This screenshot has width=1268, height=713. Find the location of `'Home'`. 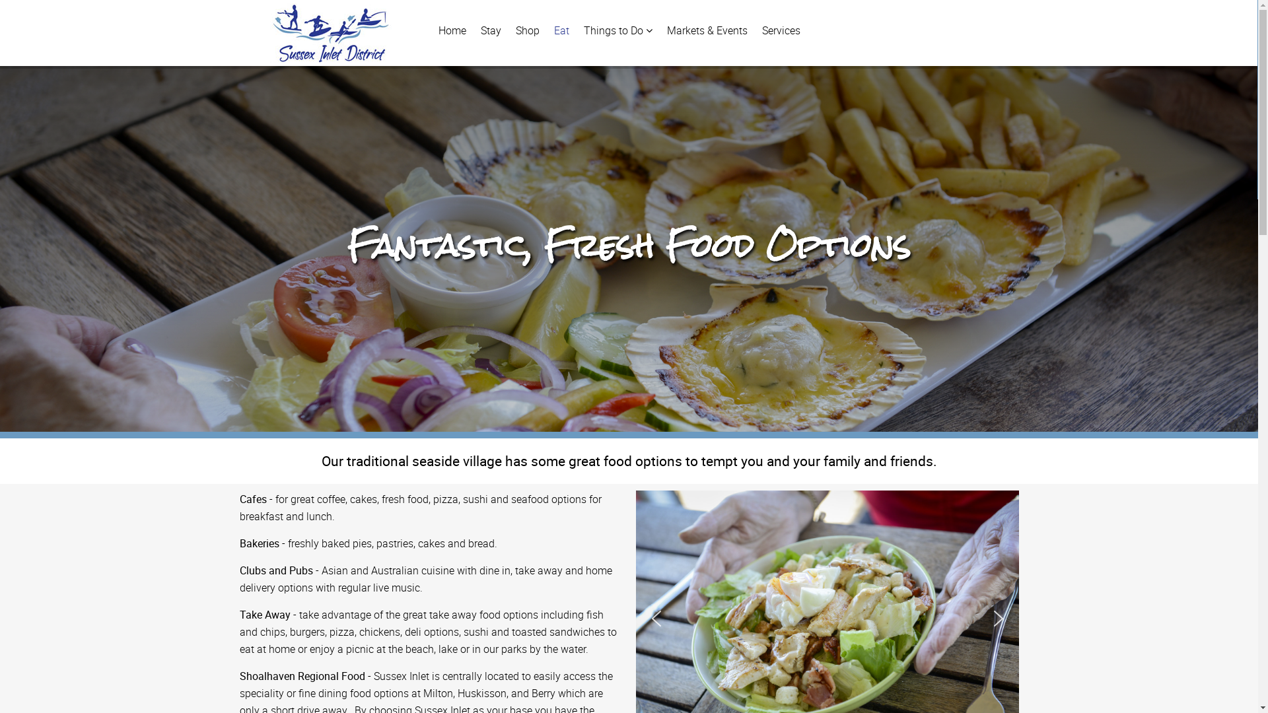

'Home' is located at coordinates (452, 30).